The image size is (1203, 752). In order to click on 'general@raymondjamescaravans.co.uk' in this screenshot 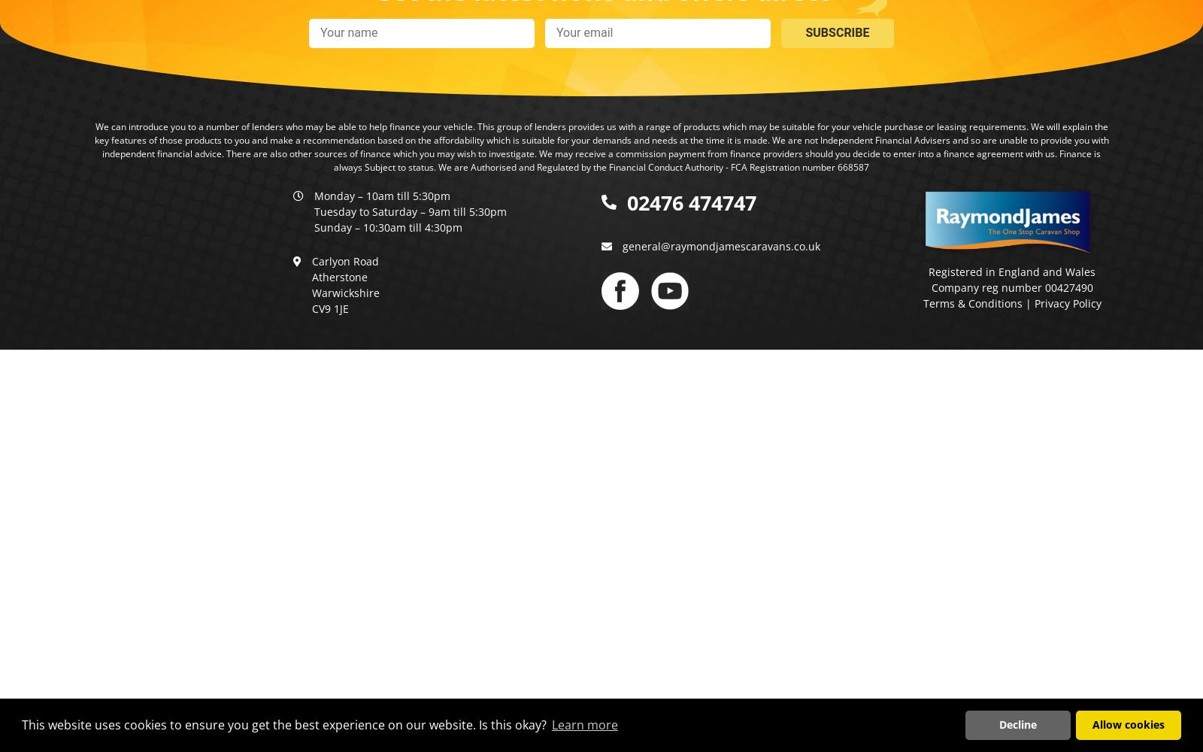, I will do `click(621, 245)`.